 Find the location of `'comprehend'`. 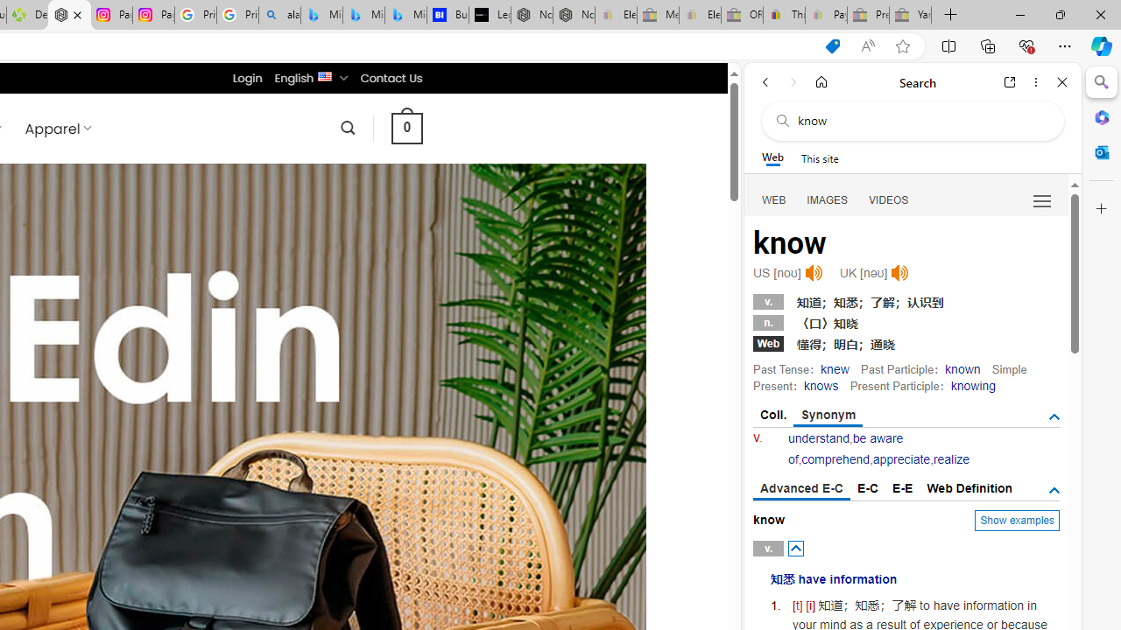

'comprehend' is located at coordinates (835, 458).